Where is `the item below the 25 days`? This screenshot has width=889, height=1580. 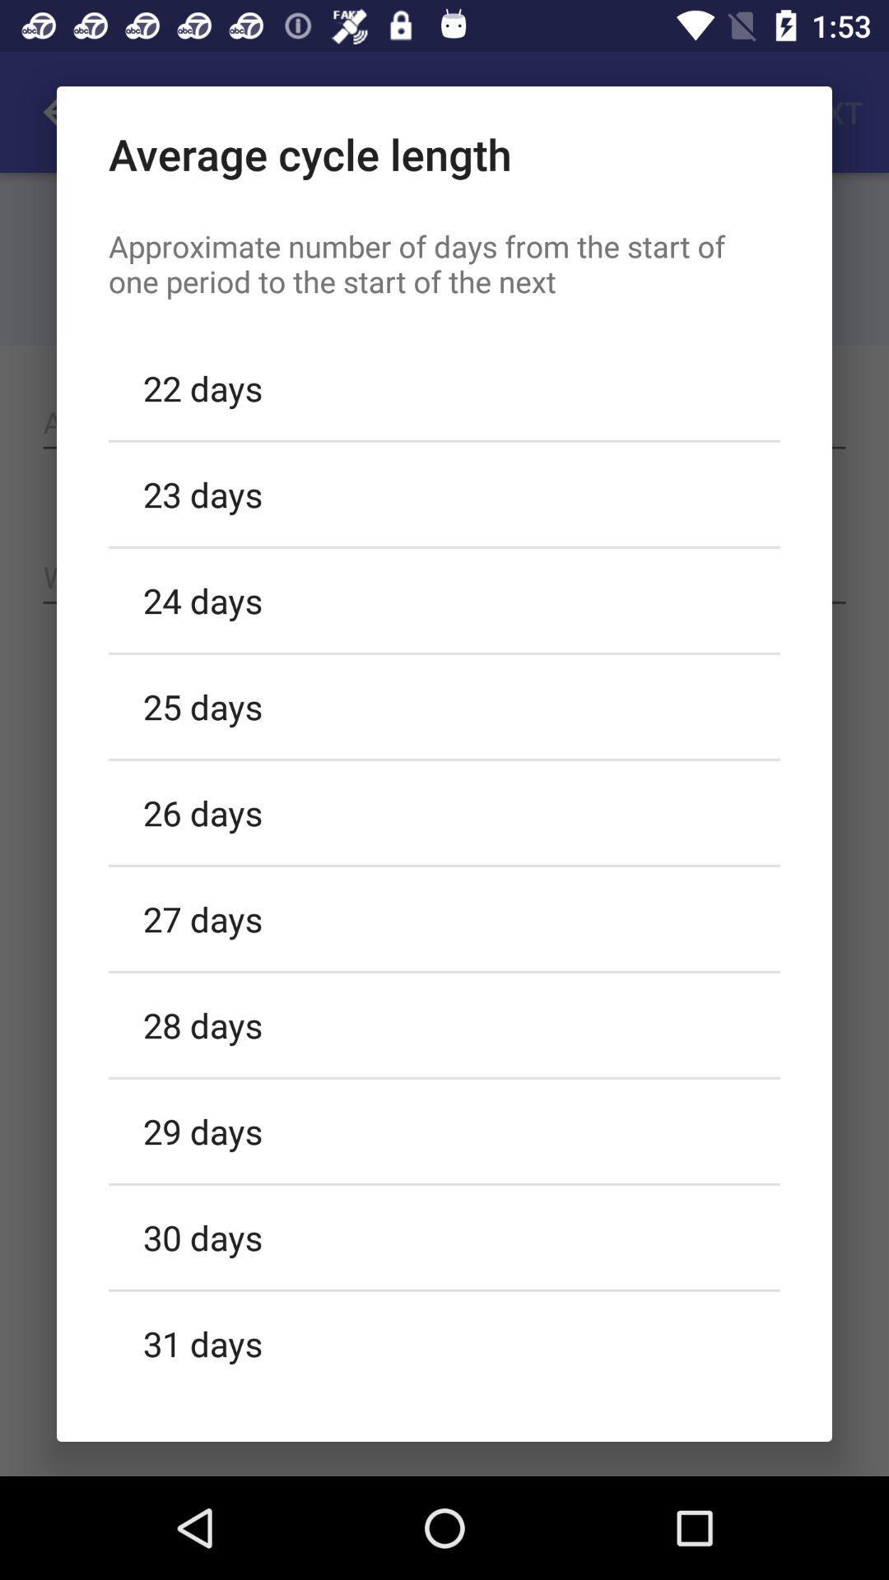 the item below the 25 days is located at coordinates (444, 812).